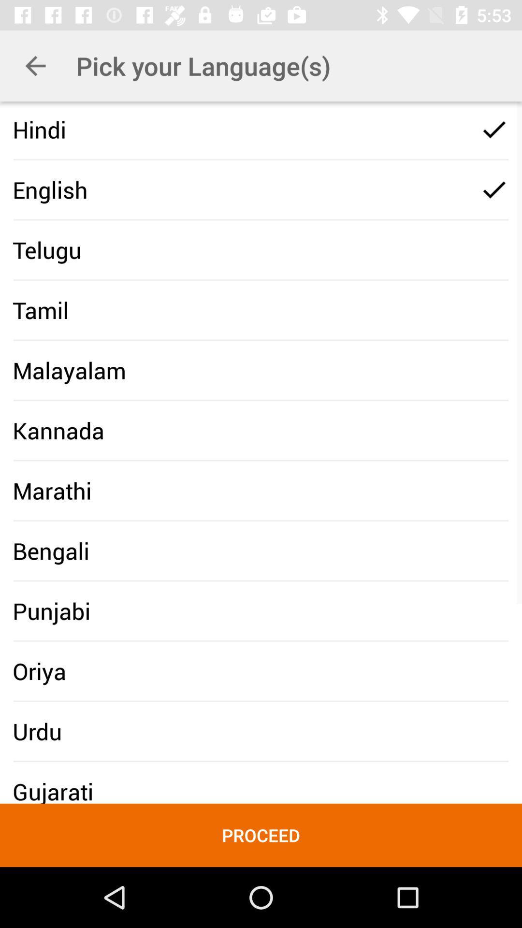  I want to click on malayalam icon, so click(69, 370).